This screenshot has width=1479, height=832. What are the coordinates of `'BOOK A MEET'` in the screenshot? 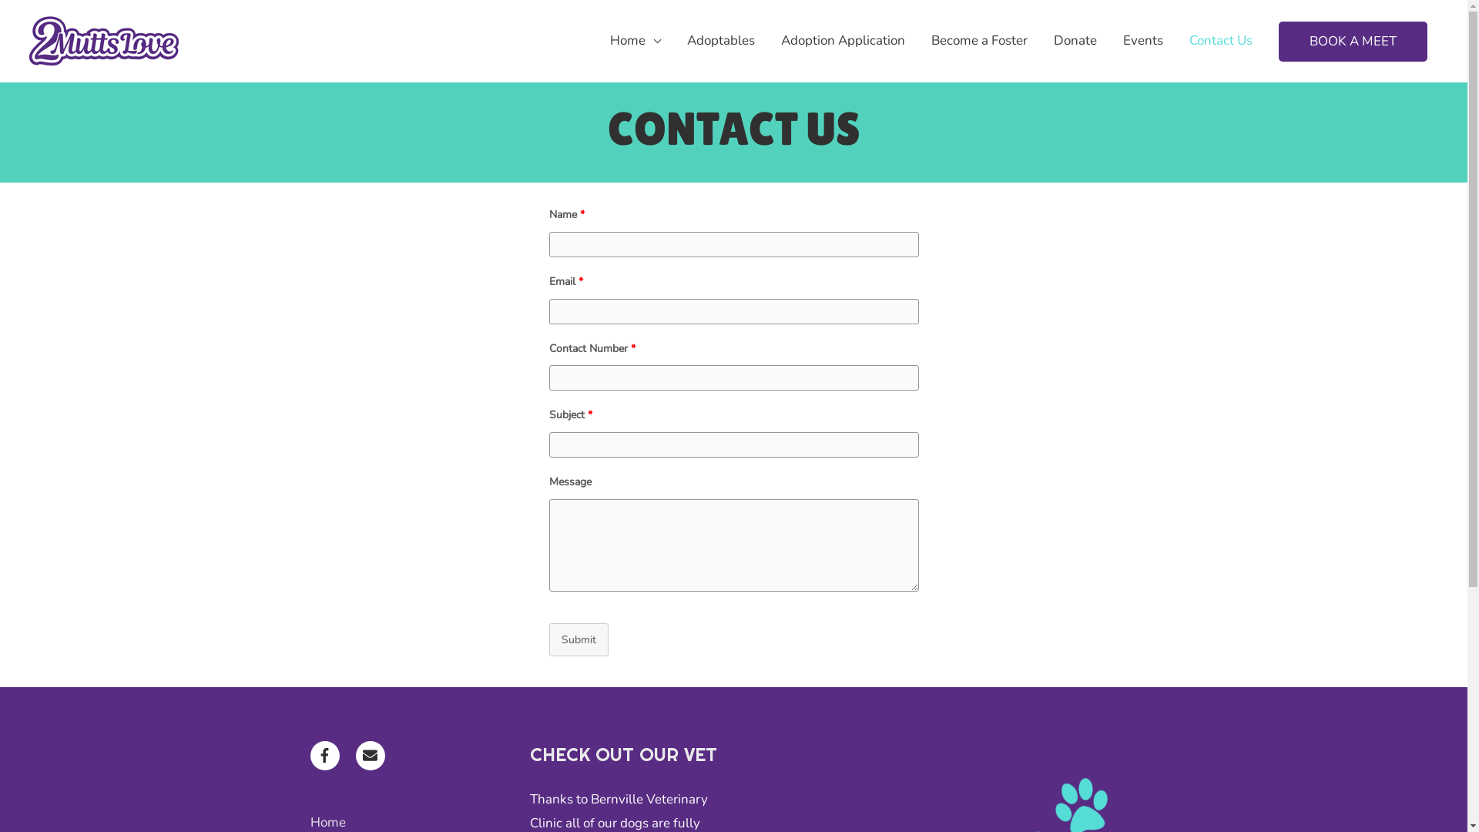 It's located at (1279, 41).